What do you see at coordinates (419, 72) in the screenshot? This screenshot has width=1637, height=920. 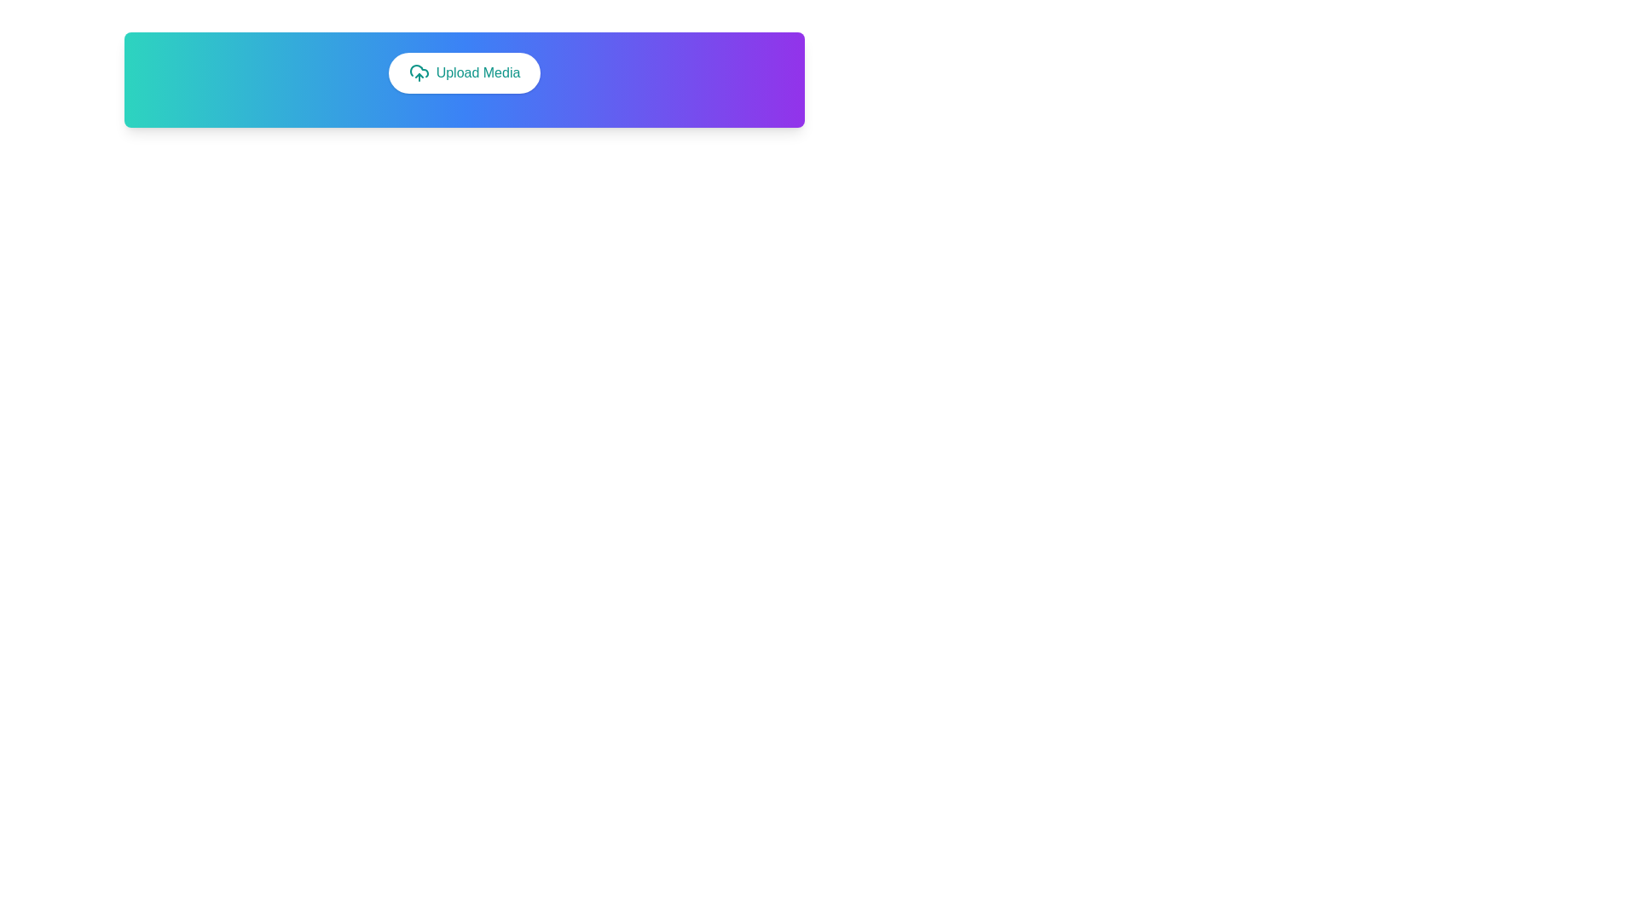 I see `the upload icon, which is a cloud with an upward-pointing arrow, located to the left of the 'Upload Media' button` at bounding box center [419, 72].